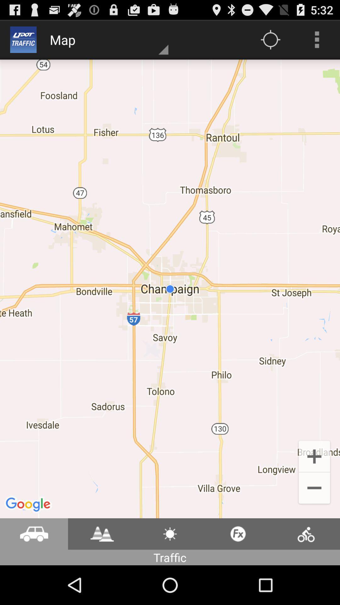 The width and height of the screenshot is (340, 605). I want to click on video play, so click(102, 533).